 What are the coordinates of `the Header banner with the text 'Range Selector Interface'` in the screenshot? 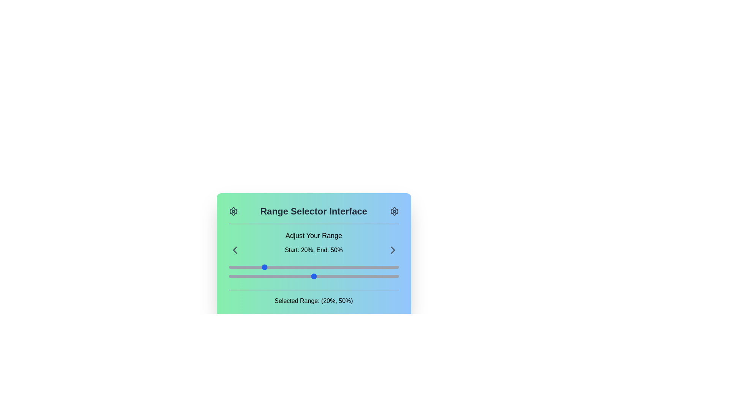 It's located at (314, 215).